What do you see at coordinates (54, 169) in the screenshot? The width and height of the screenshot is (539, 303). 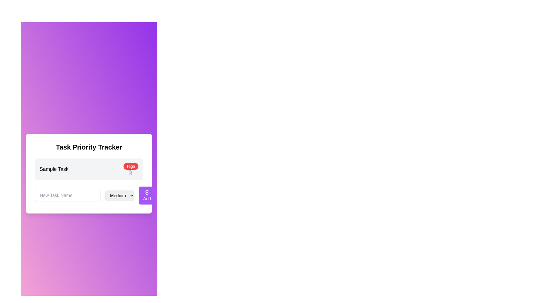 I see `the 'Sample Task' text label, which is displayed in bold black font against a light gray background, to trigger additional information` at bounding box center [54, 169].